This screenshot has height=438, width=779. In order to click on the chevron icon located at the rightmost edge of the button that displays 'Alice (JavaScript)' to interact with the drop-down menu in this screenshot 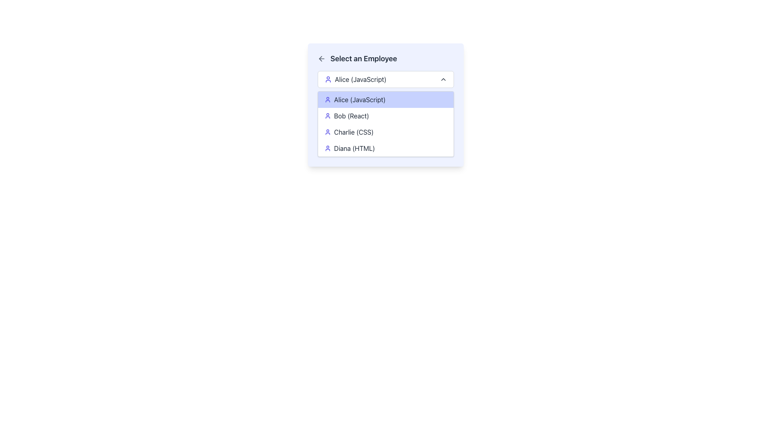, I will do `click(443, 79)`.